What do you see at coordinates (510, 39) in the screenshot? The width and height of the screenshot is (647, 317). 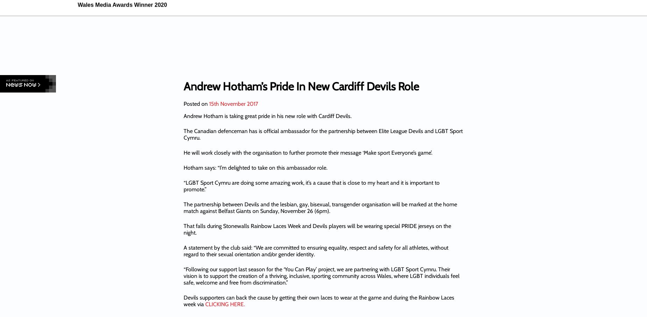 I see `'Dai Para'` at bounding box center [510, 39].